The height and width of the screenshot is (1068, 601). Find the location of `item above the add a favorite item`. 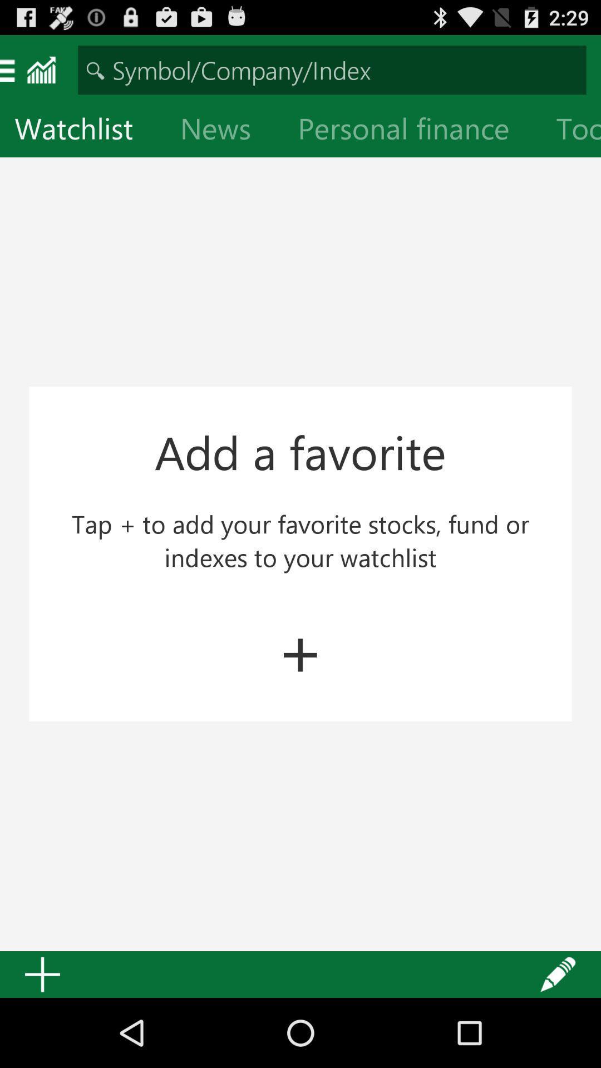

item above the add a favorite item is located at coordinates (412, 131).